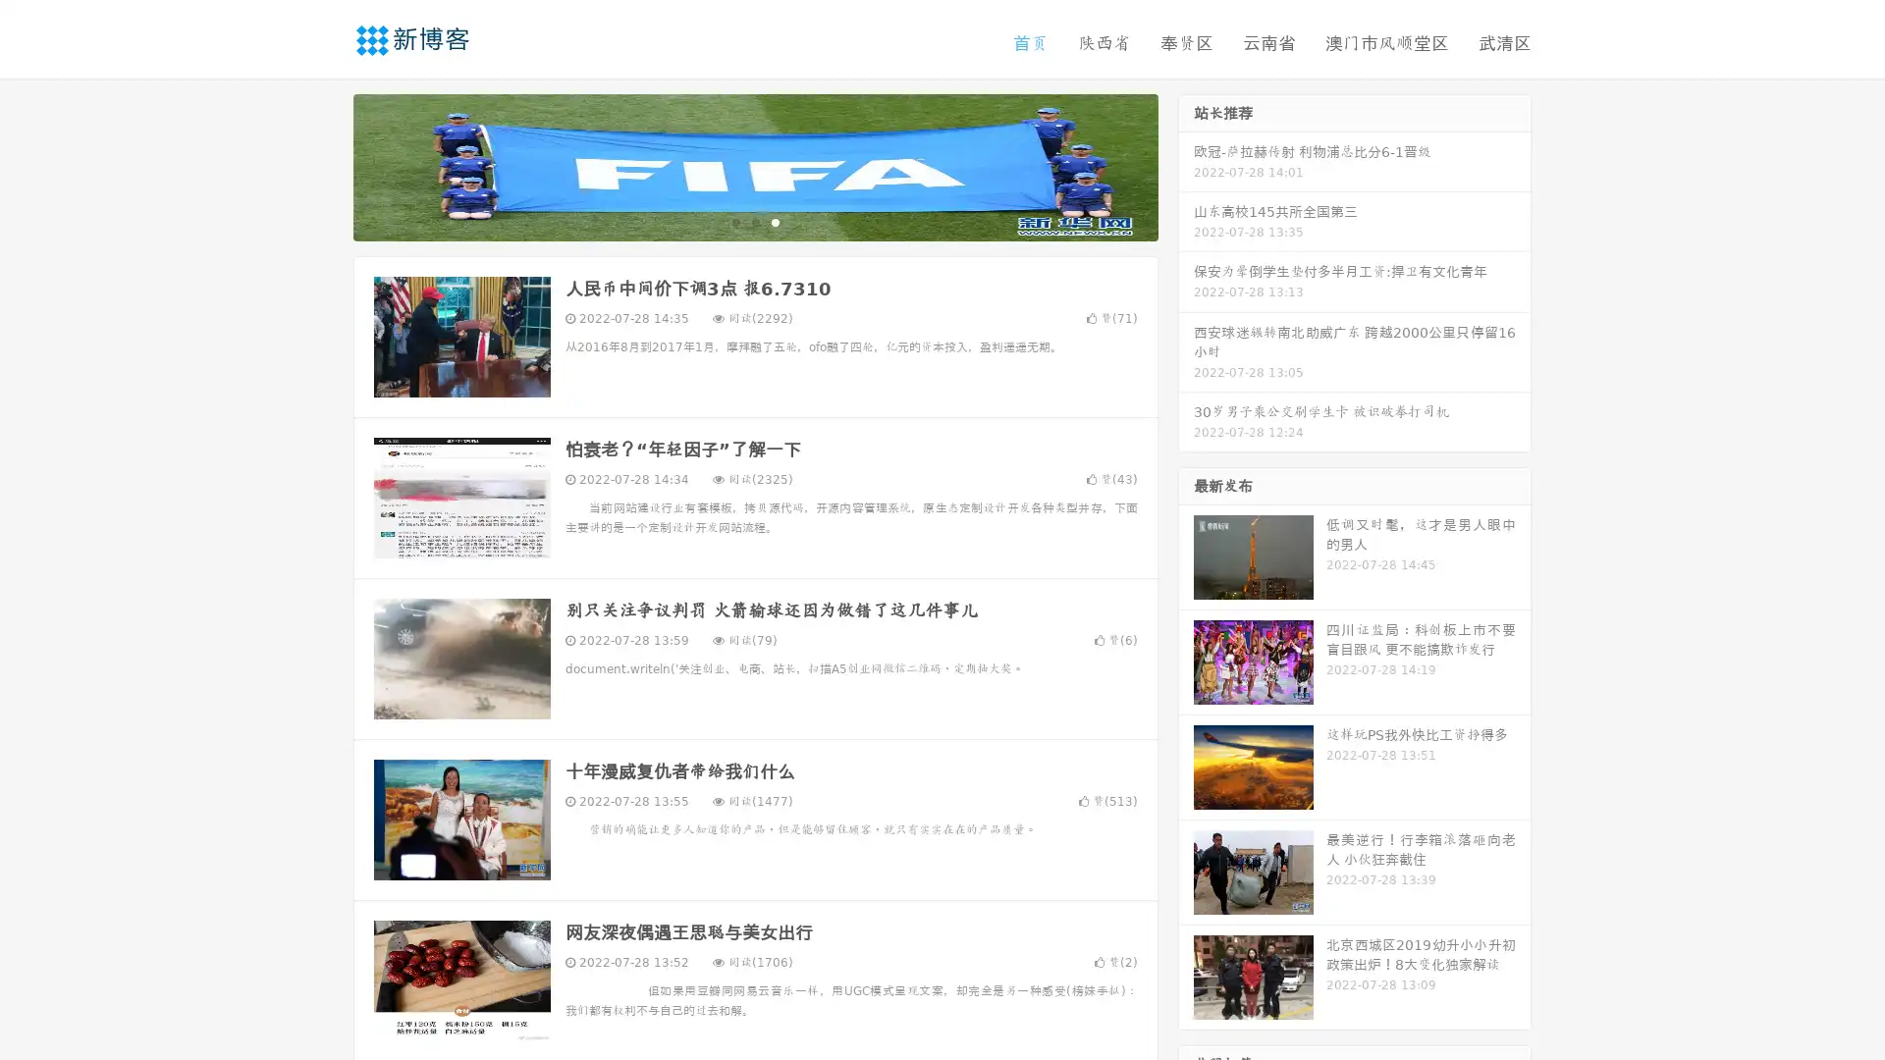 The width and height of the screenshot is (1885, 1060). What do you see at coordinates (754, 221) in the screenshot?
I see `Go to slide 2` at bounding box center [754, 221].